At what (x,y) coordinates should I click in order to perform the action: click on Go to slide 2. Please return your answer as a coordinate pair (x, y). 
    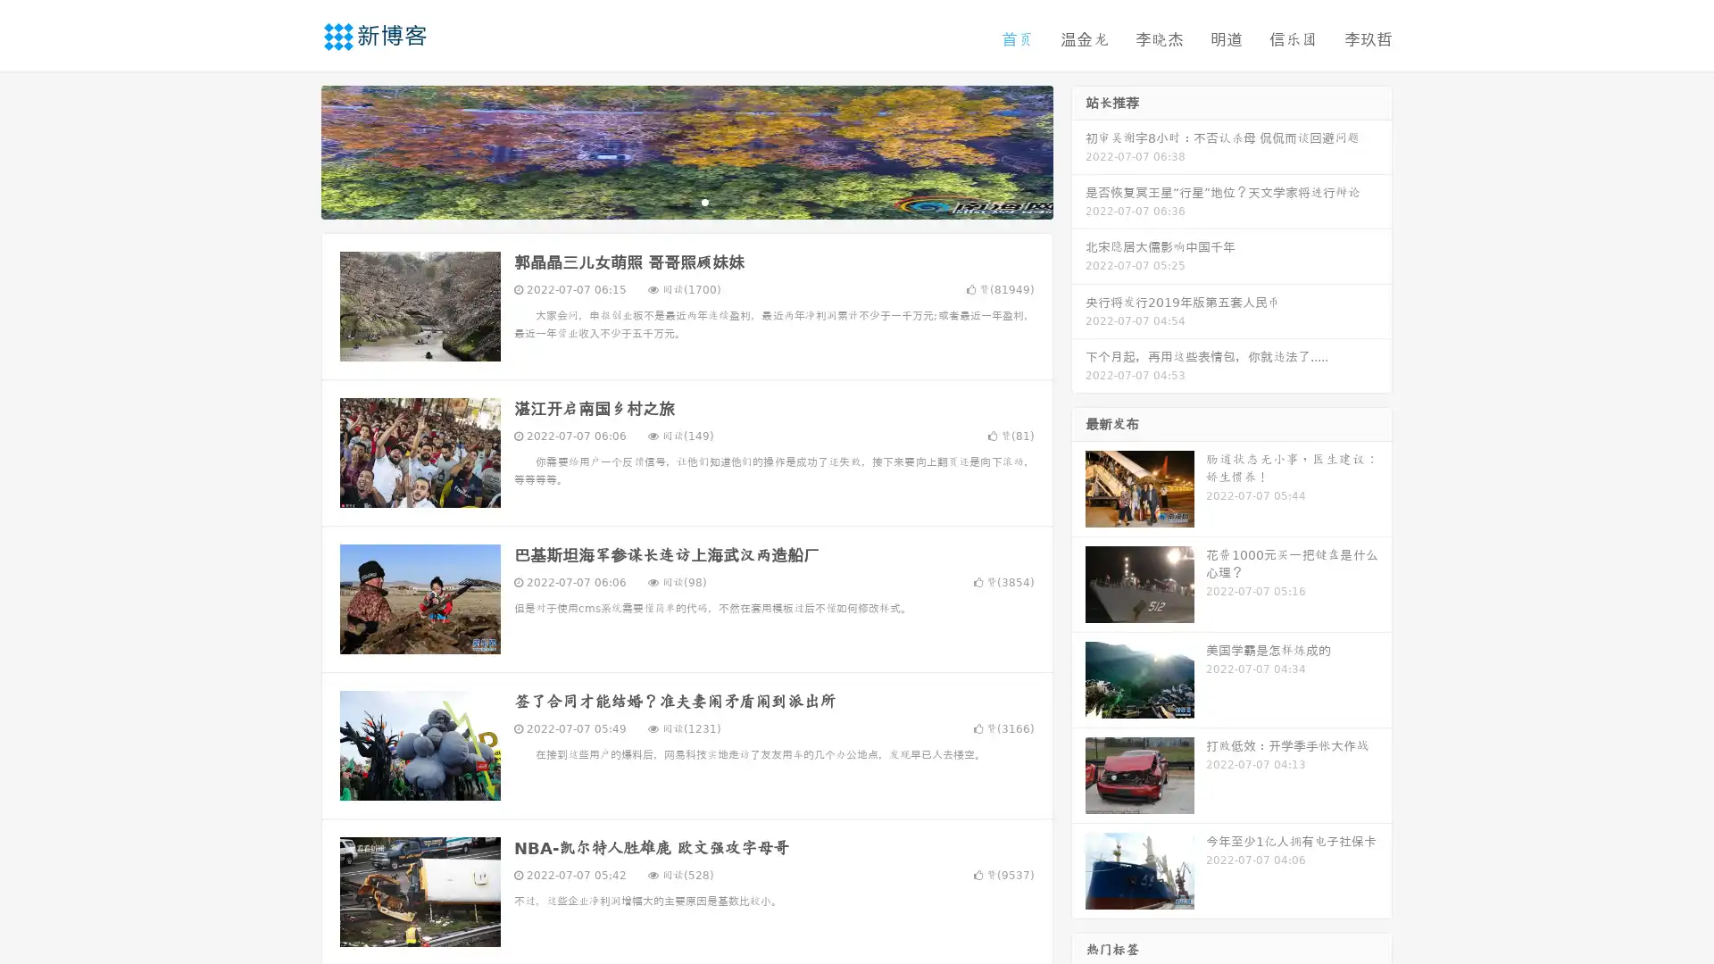
    Looking at the image, I should click on (686, 201).